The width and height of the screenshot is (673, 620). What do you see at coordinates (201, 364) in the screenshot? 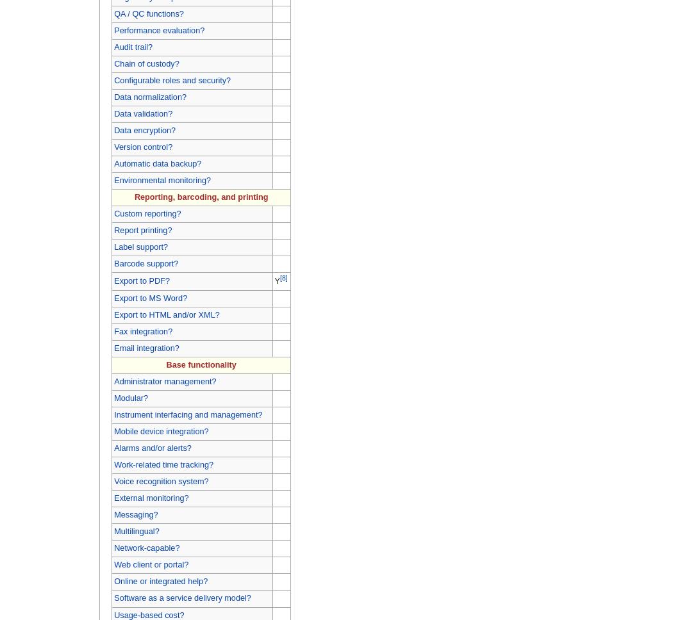
I see `'Base functionality'` at bounding box center [201, 364].